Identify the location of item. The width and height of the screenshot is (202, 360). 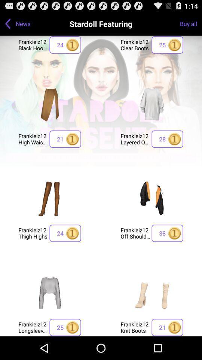
(151, 292).